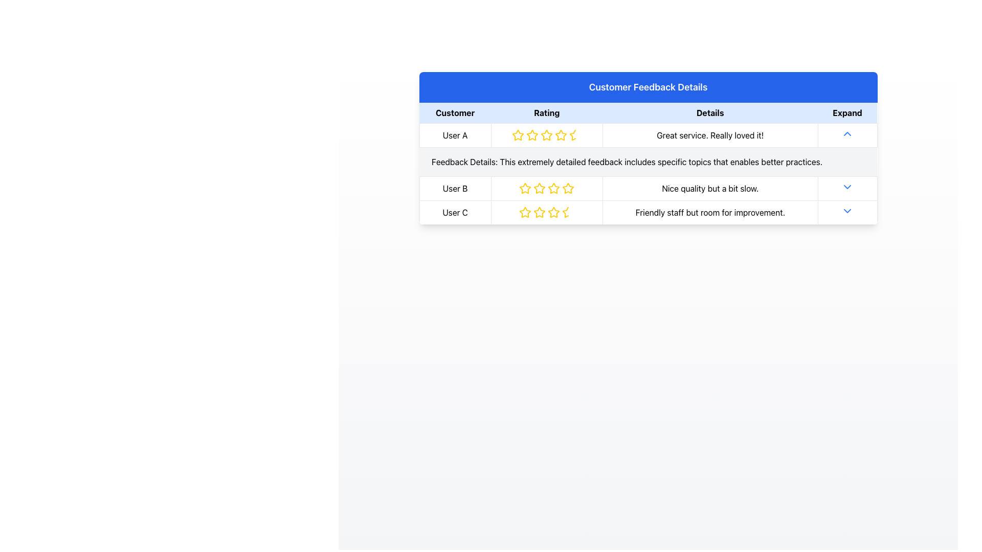  What do you see at coordinates (847, 113) in the screenshot?
I see `the 'Expand' button, which displays the text in bold black font on a light blue background, to trigger the tooltip` at bounding box center [847, 113].